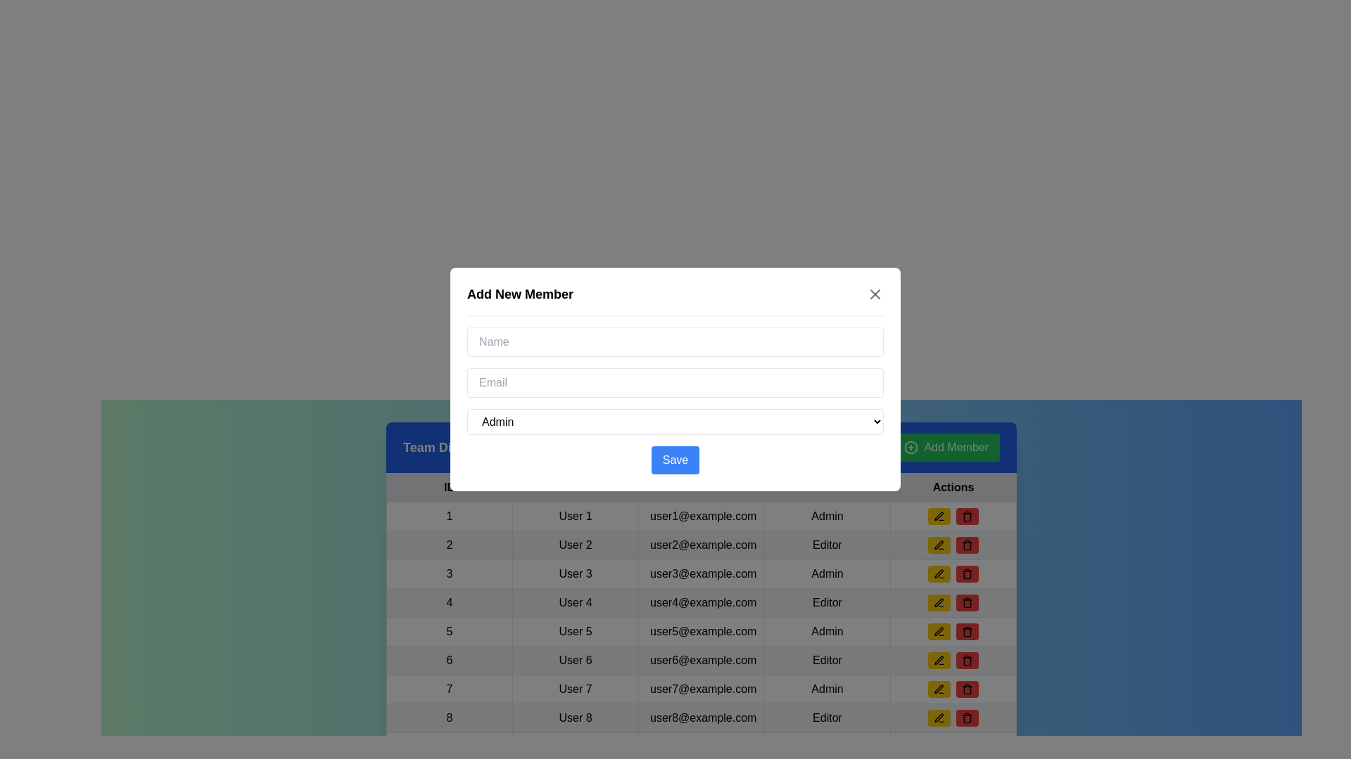  What do you see at coordinates (939, 661) in the screenshot?
I see `the edit icon located in the Actions column of the table for the sixth user to invoke the edit action` at bounding box center [939, 661].